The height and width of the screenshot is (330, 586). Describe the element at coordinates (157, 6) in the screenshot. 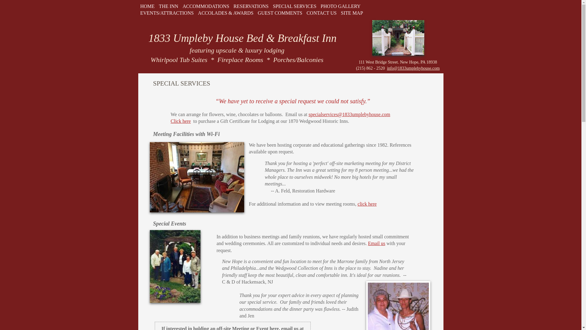

I see `'THE INN'` at that location.